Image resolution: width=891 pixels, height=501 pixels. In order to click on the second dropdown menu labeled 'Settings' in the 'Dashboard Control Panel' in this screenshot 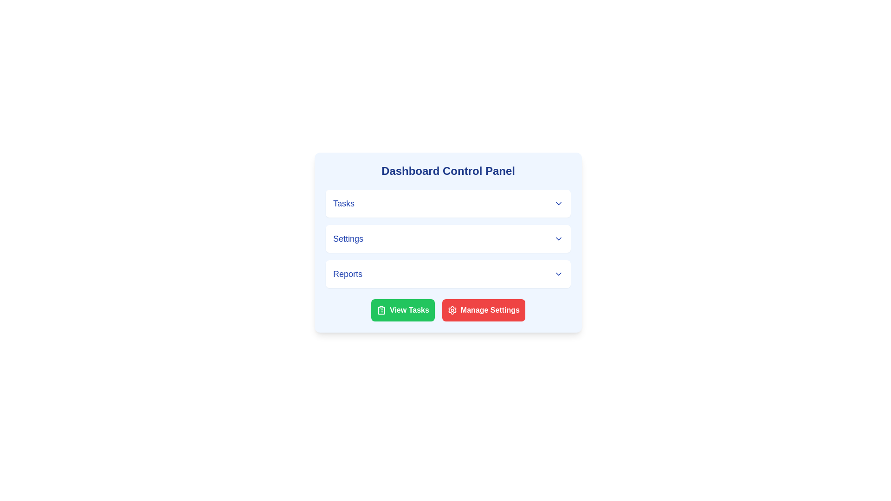, I will do `click(448, 242)`.